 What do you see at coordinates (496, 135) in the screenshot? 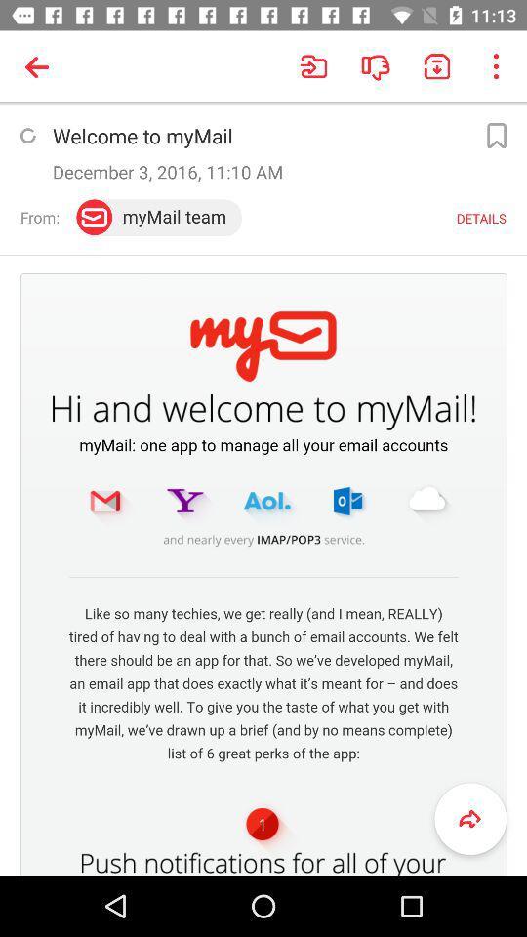
I see `more mail option` at bounding box center [496, 135].